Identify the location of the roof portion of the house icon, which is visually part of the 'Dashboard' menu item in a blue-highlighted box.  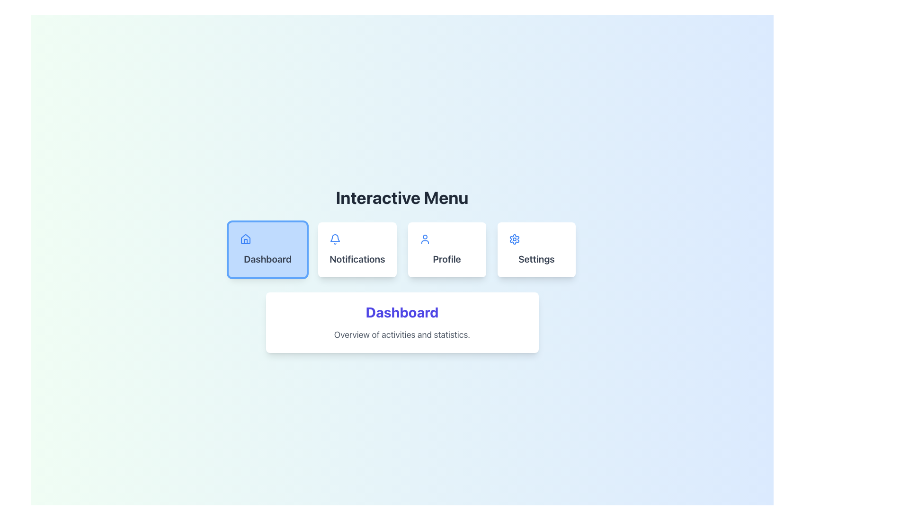
(246, 238).